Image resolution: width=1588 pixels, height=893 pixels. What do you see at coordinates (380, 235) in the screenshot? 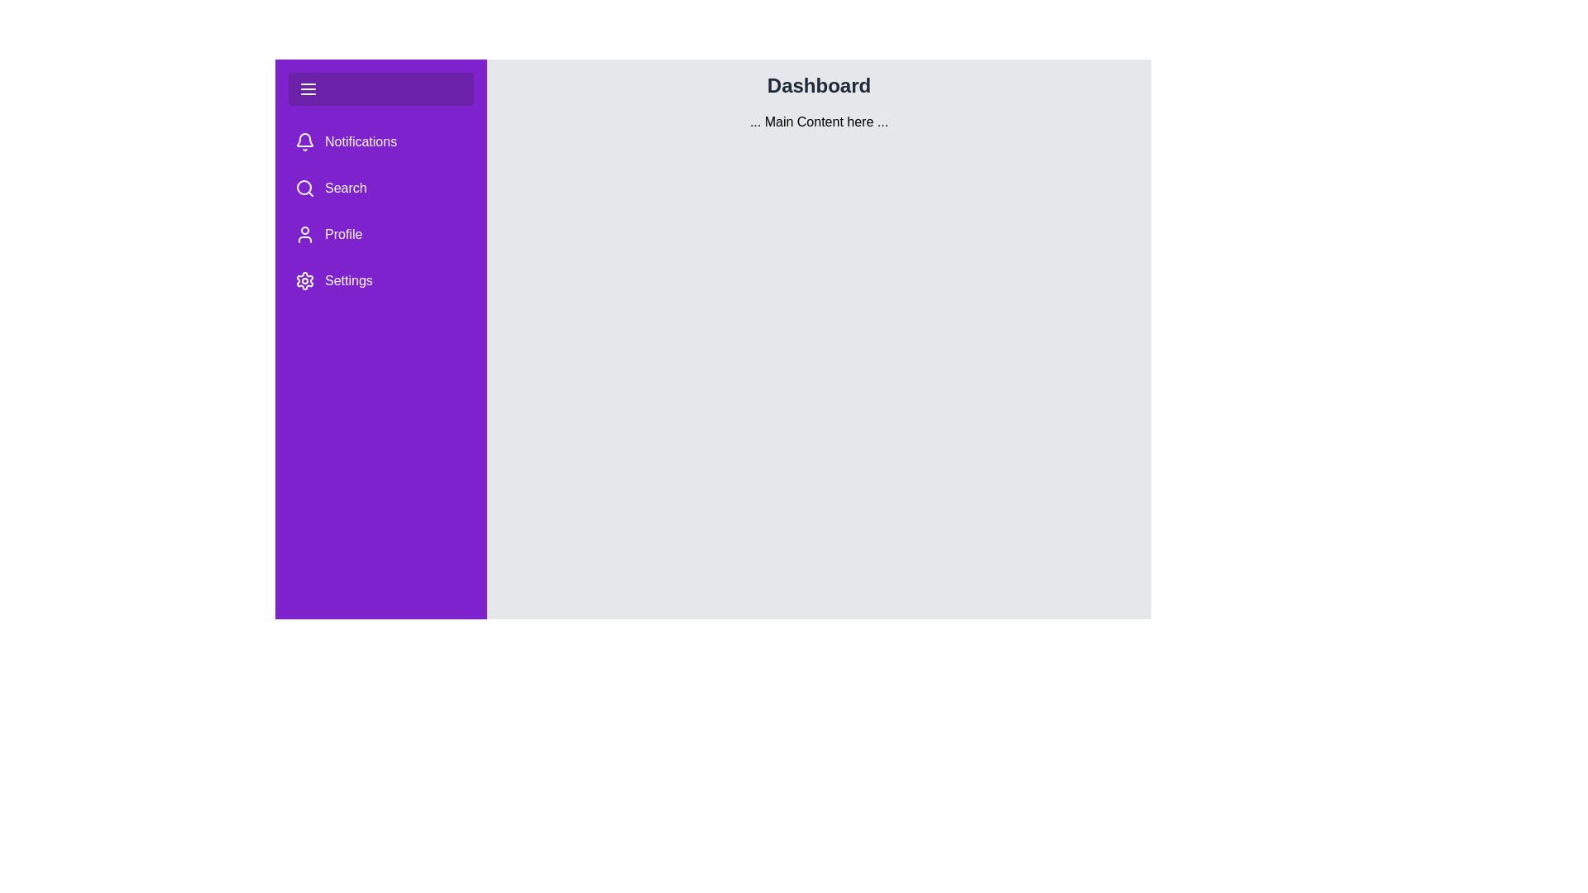
I see `the menu item Profile` at bounding box center [380, 235].